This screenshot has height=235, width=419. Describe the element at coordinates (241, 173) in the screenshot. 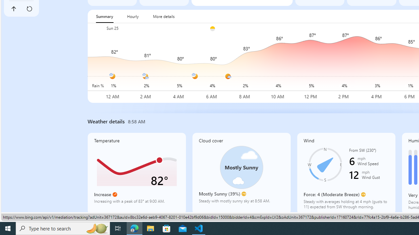

I see `'Cloud cover'` at that location.